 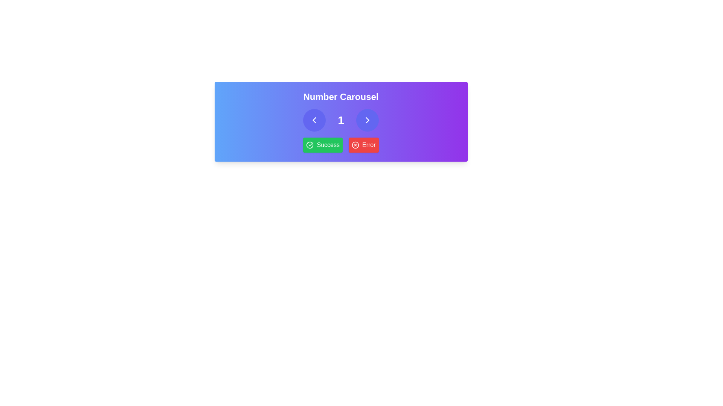 I want to click on the error state button located to the right of the green 'Success' button under the 'Number Carousel' label, so click(x=363, y=145).